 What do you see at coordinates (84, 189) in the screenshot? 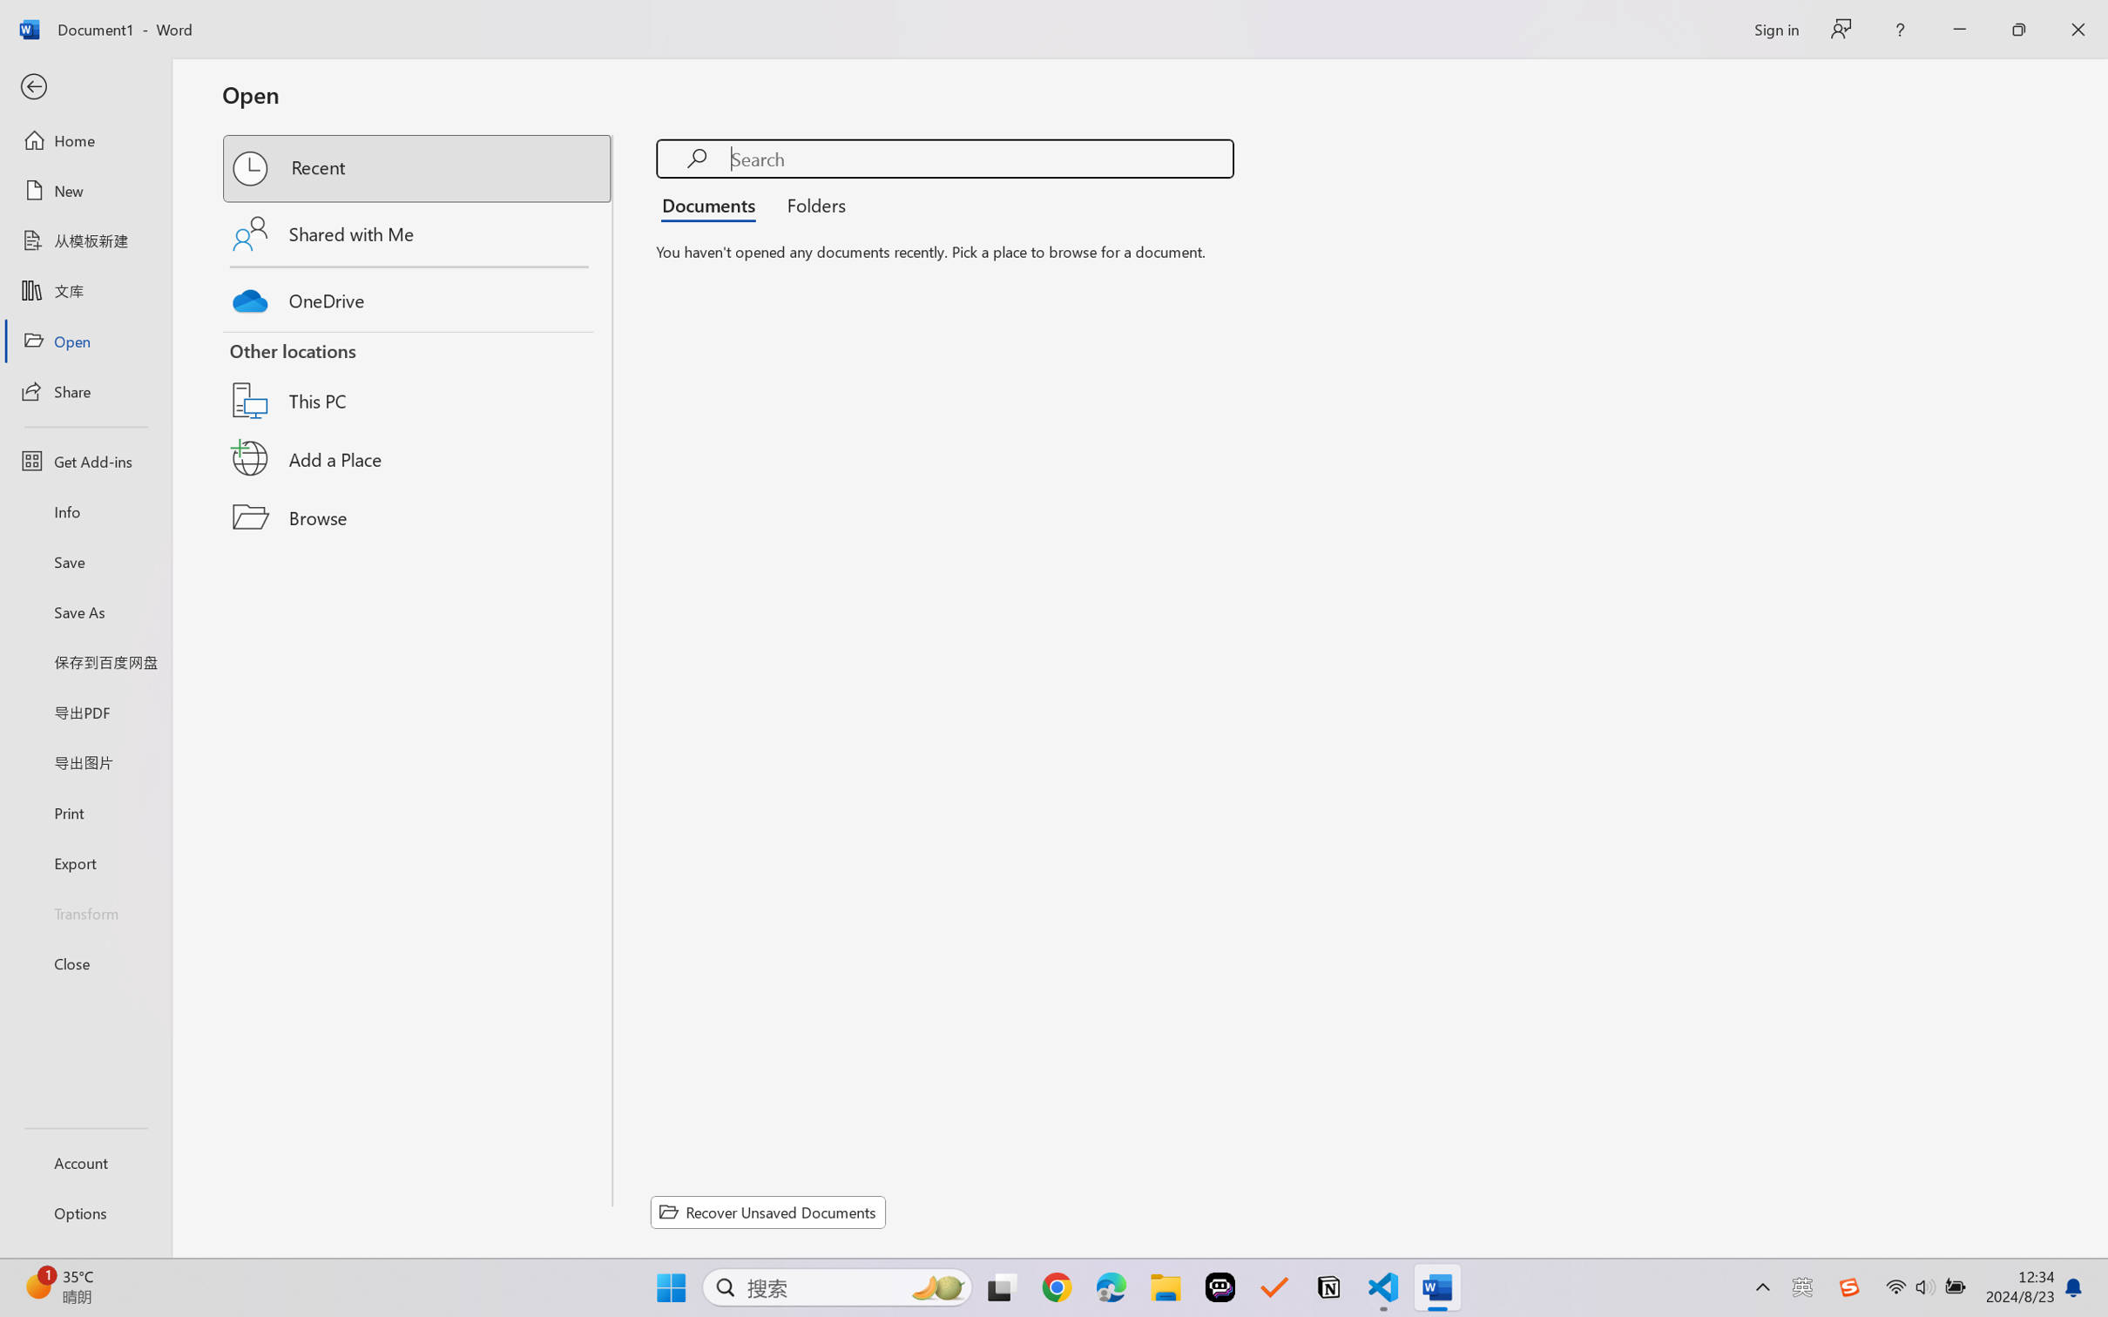
I see `'New'` at bounding box center [84, 189].